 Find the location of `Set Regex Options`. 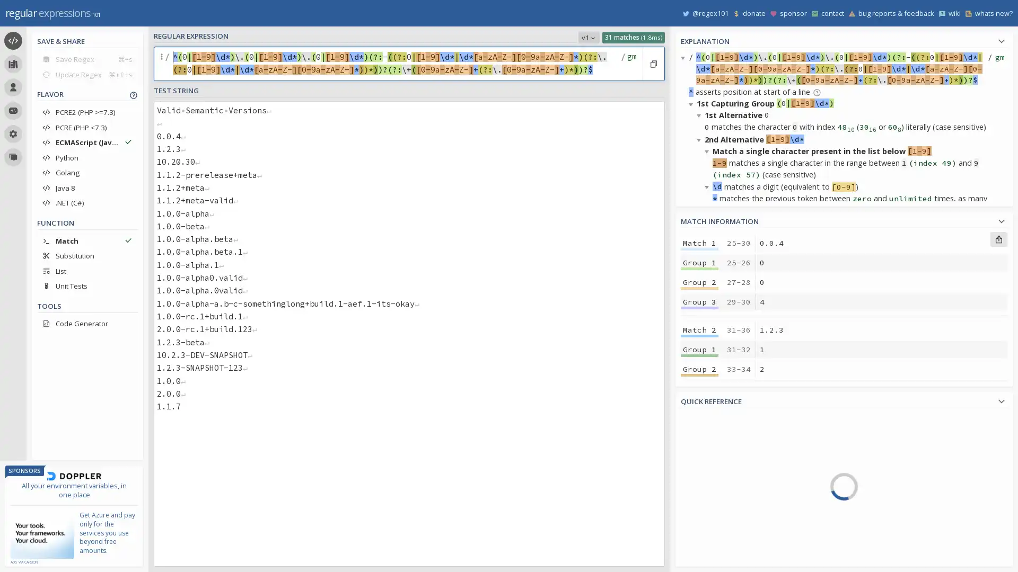

Set Regex Options is located at coordinates (630, 64).